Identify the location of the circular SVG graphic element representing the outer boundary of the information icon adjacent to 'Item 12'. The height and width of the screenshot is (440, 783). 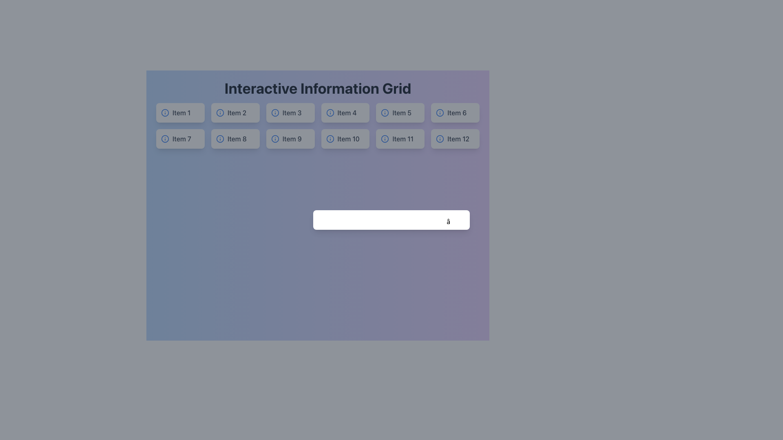
(440, 138).